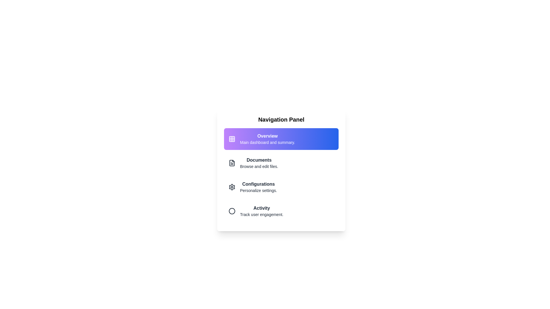  I want to click on the menu section corresponding to Activity, so click(281, 211).